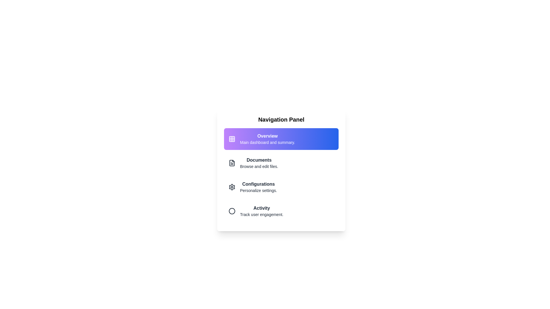  I want to click on the menu section corresponding to Activity, so click(281, 211).